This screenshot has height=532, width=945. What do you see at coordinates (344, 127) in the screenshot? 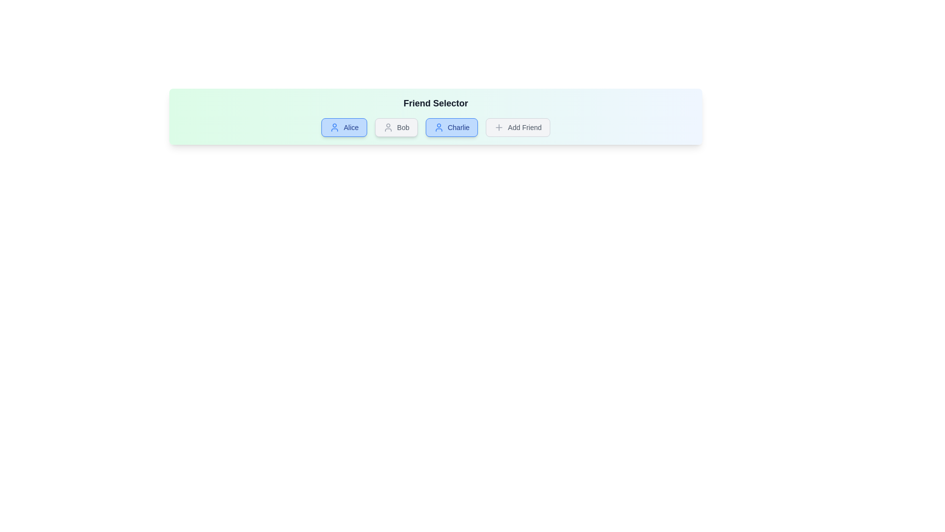
I see `the friend button labeled Alice to toggle its selection status` at bounding box center [344, 127].